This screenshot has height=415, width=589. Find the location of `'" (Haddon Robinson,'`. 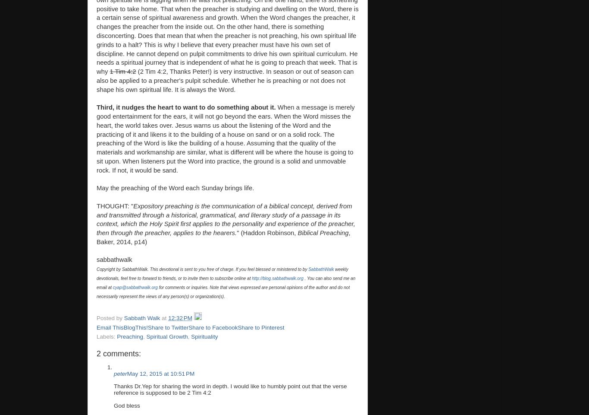

'" (Haddon Robinson,' is located at coordinates (266, 233).